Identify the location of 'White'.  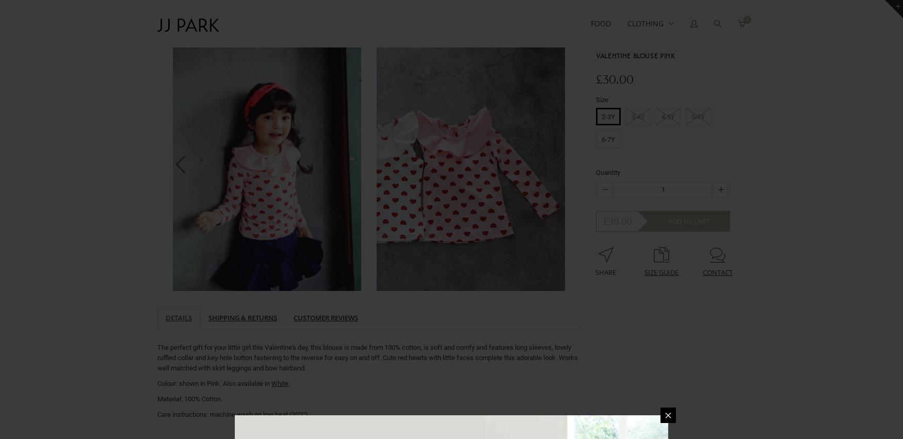
(279, 383).